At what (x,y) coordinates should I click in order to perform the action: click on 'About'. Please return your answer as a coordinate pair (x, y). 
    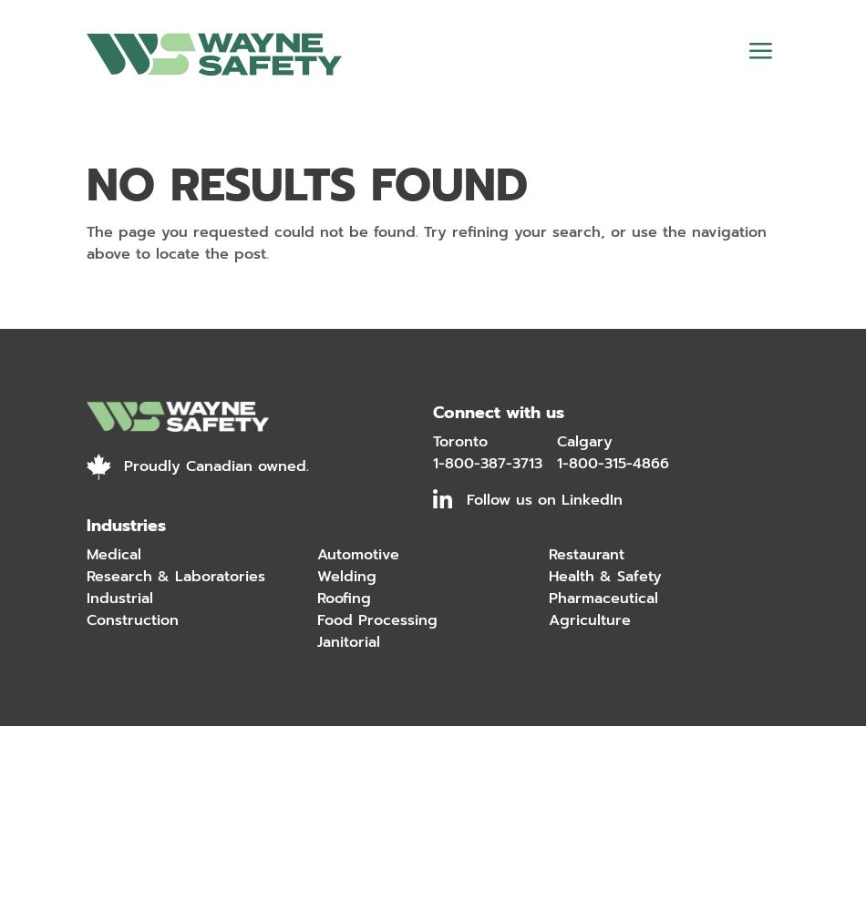
    Looking at the image, I should click on (112, 422).